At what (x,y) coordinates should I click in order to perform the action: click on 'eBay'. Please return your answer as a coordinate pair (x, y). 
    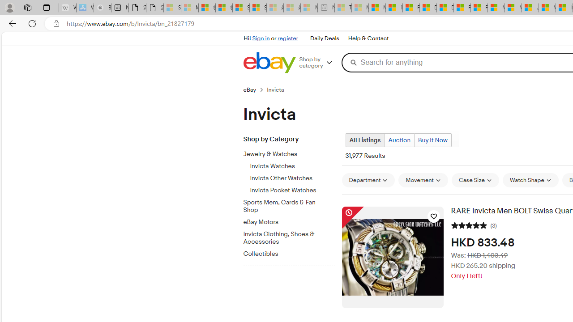
    Looking at the image, I should click on (250, 89).